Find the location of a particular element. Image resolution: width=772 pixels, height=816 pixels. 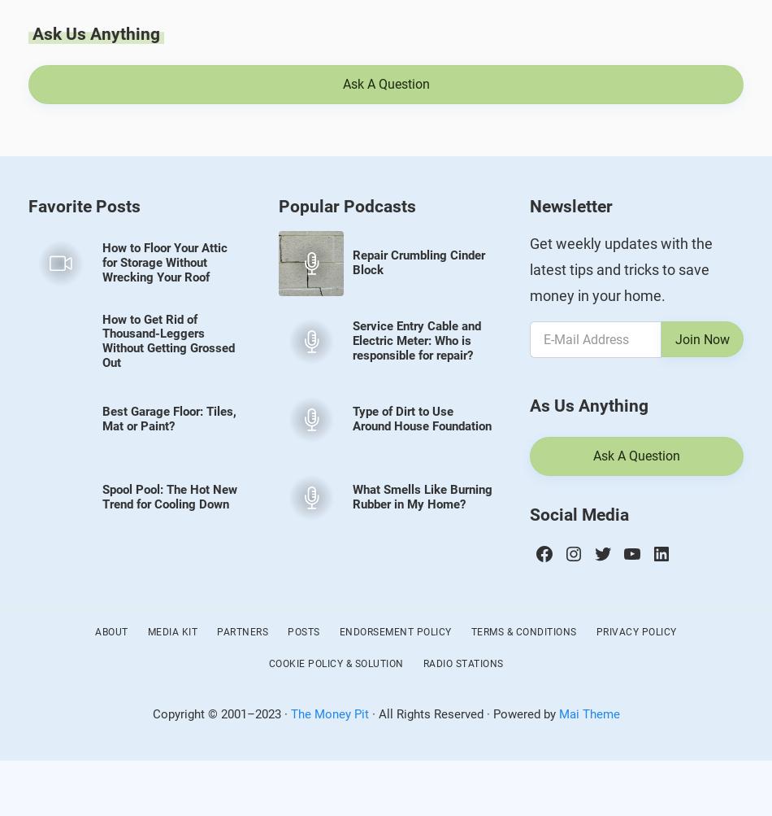

'Newsletter' is located at coordinates (570, 206).